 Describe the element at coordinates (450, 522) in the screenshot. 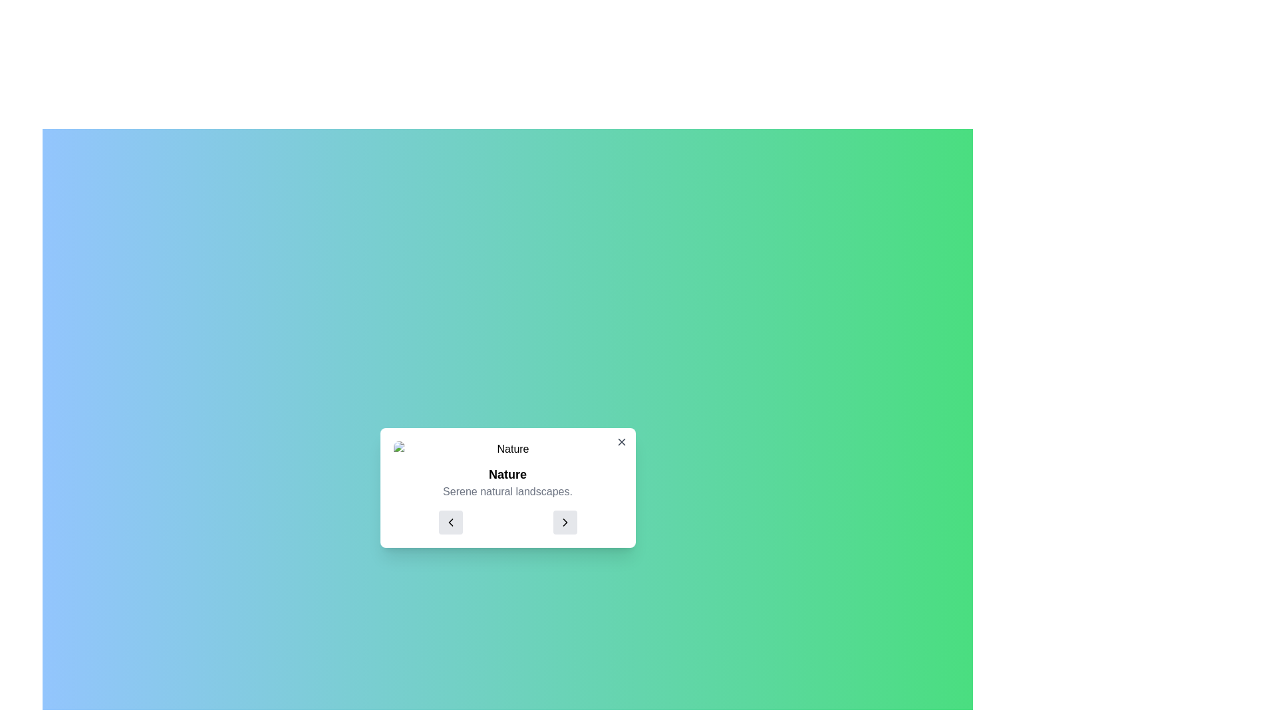

I see `the leftward chevron icon within the interactive button` at that location.